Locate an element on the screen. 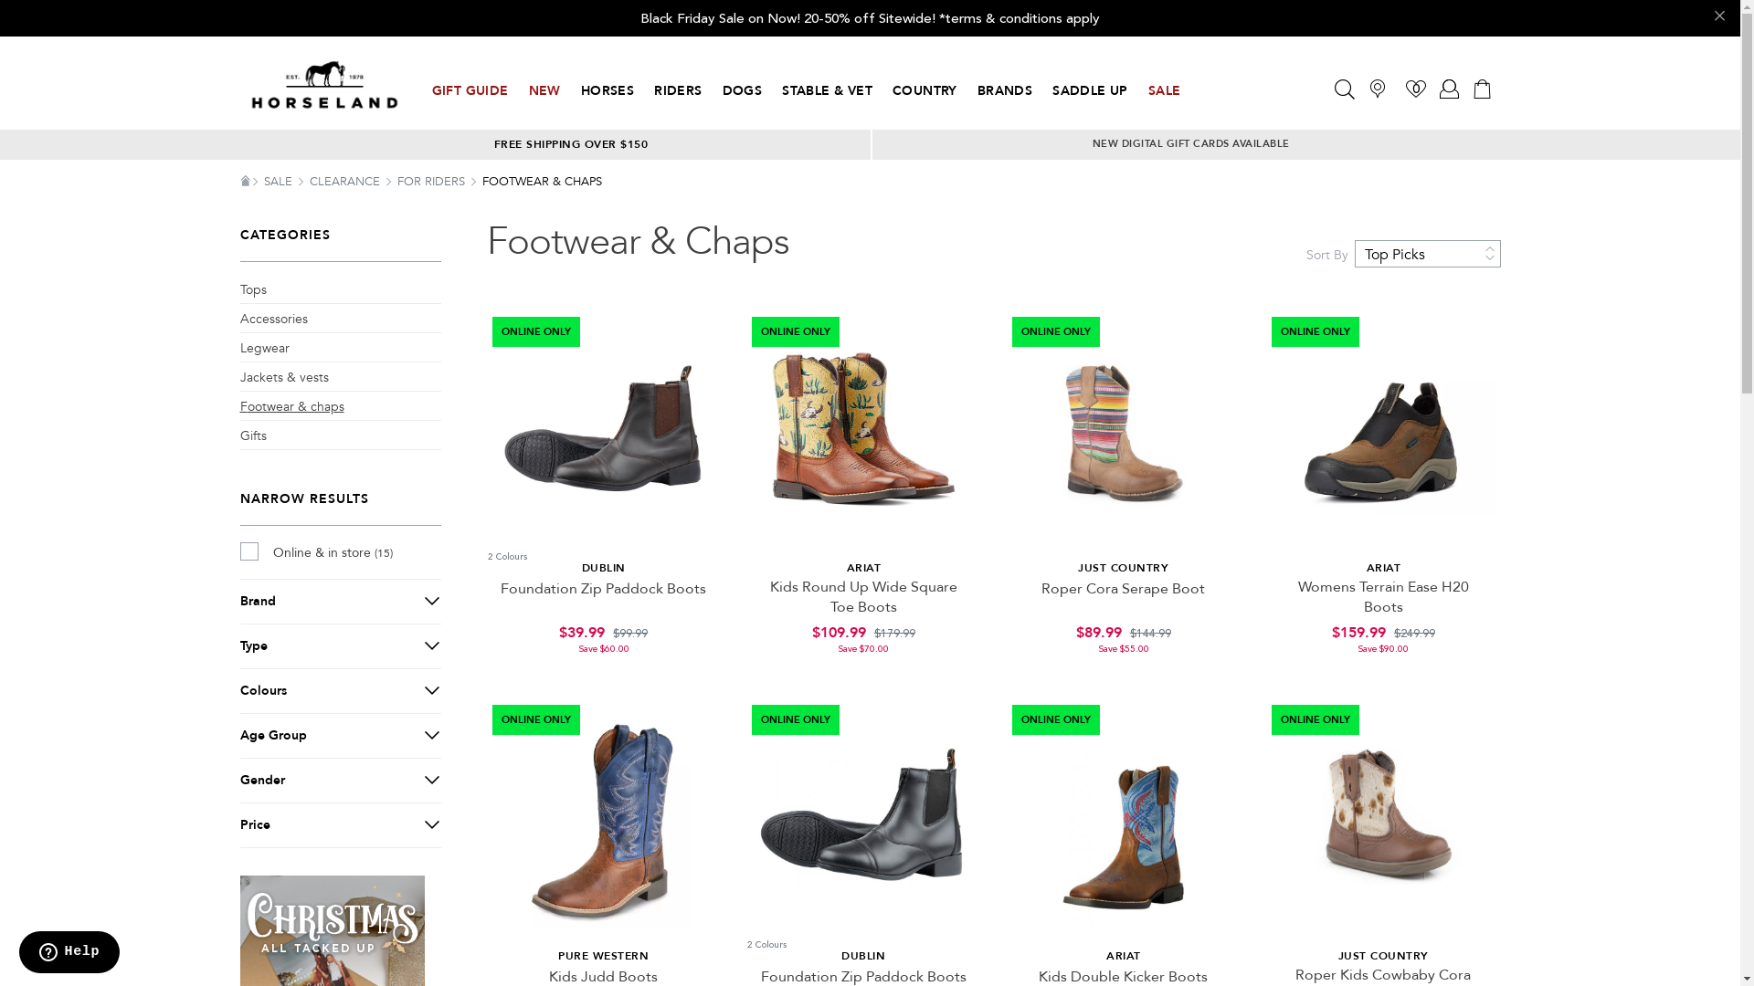 This screenshot has width=1754, height=986. 'CLEARANCE' is located at coordinates (345, 182).